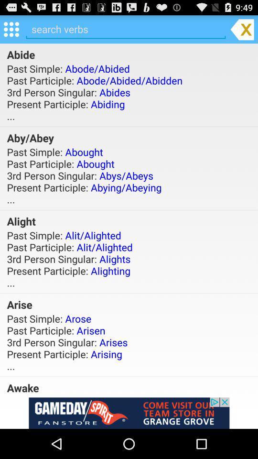 This screenshot has width=258, height=459. What do you see at coordinates (11, 28) in the screenshot?
I see `options button` at bounding box center [11, 28].